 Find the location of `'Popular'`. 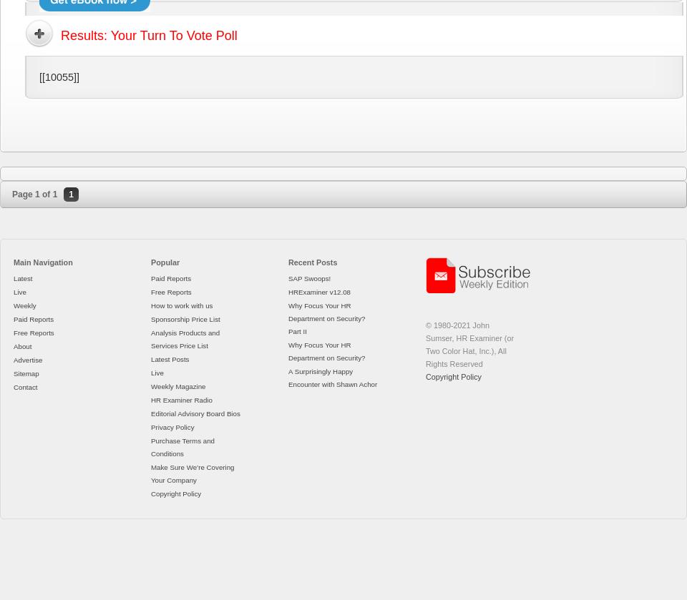

'Popular' is located at coordinates (165, 261).